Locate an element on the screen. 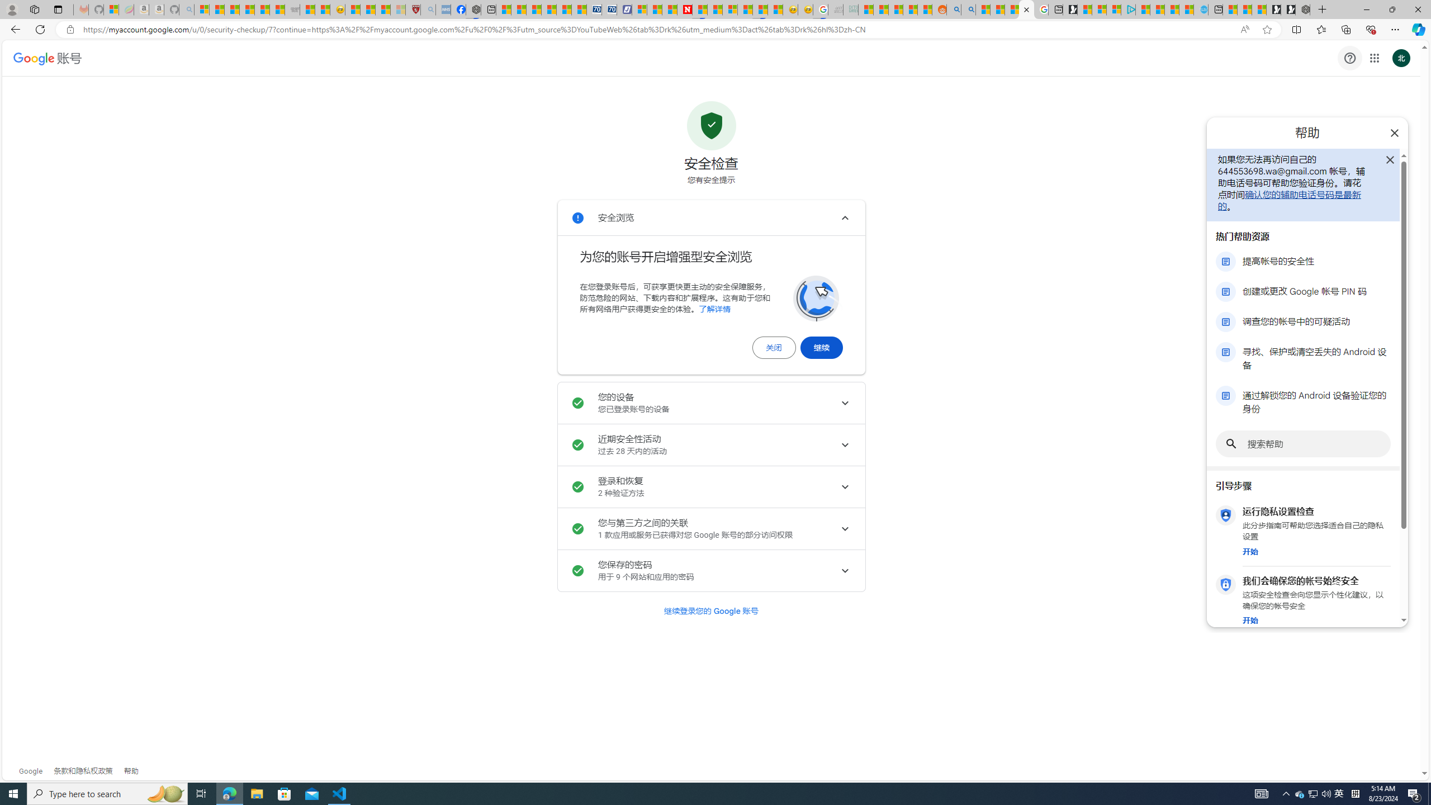 The height and width of the screenshot is (805, 1431). 'Class: gb_E' is located at coordinates (1374, 58).